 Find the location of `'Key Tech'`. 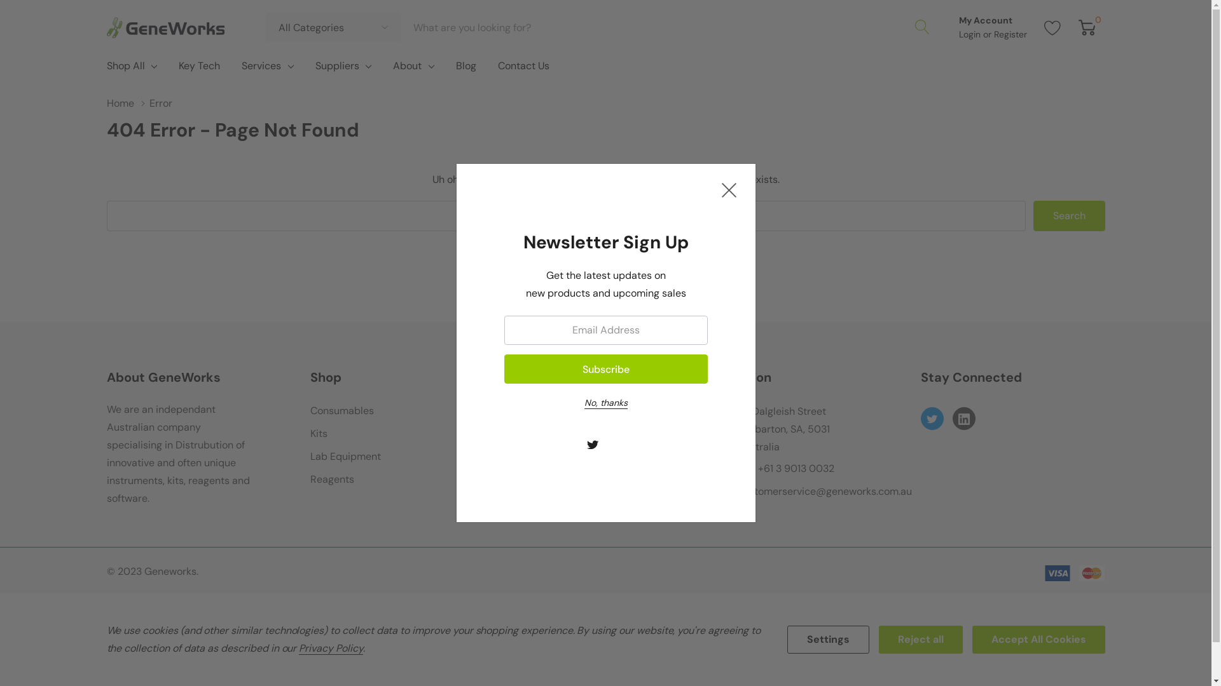

'Key Tech' is located at coordinates (167, 69).